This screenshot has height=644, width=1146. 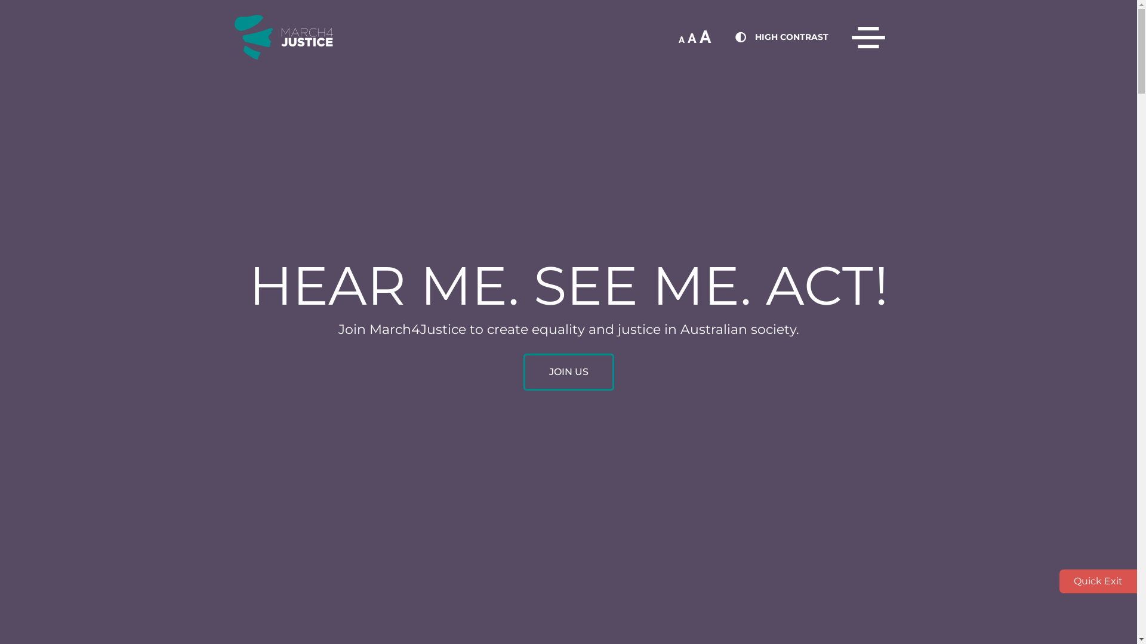 What do you see at coordinates (692, 38) in the screenshot?
I see `'A'` at bounding box center [692, 38].